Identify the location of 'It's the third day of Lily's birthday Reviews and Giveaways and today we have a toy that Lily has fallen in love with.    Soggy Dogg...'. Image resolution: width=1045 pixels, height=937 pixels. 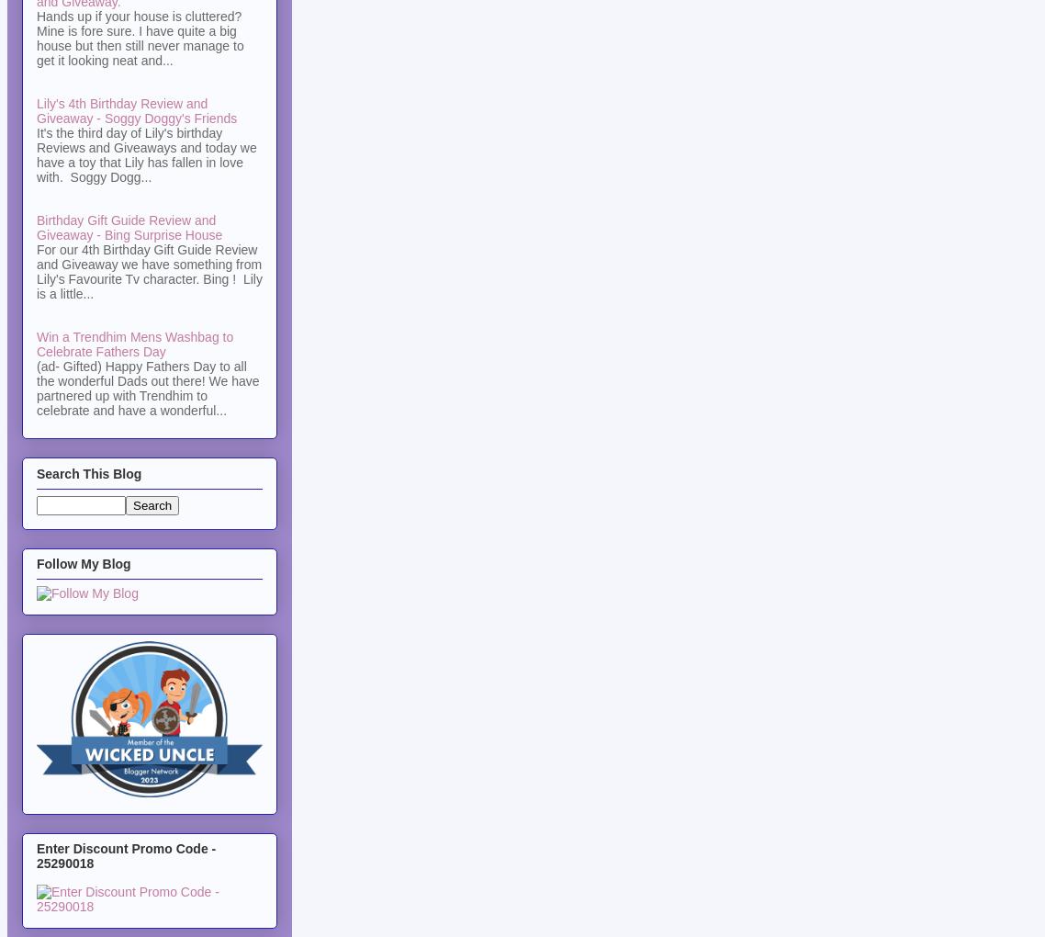
(146, 155).